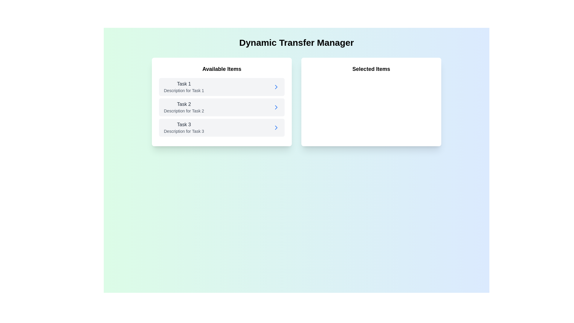 The image size is (574, 323). What do you see at coordinates (183, 127) in the screenshot?
I see `the title text of the task list entry labeled 'Task 3' to highlight it, which is the third item` at bounding box center [183, 127].